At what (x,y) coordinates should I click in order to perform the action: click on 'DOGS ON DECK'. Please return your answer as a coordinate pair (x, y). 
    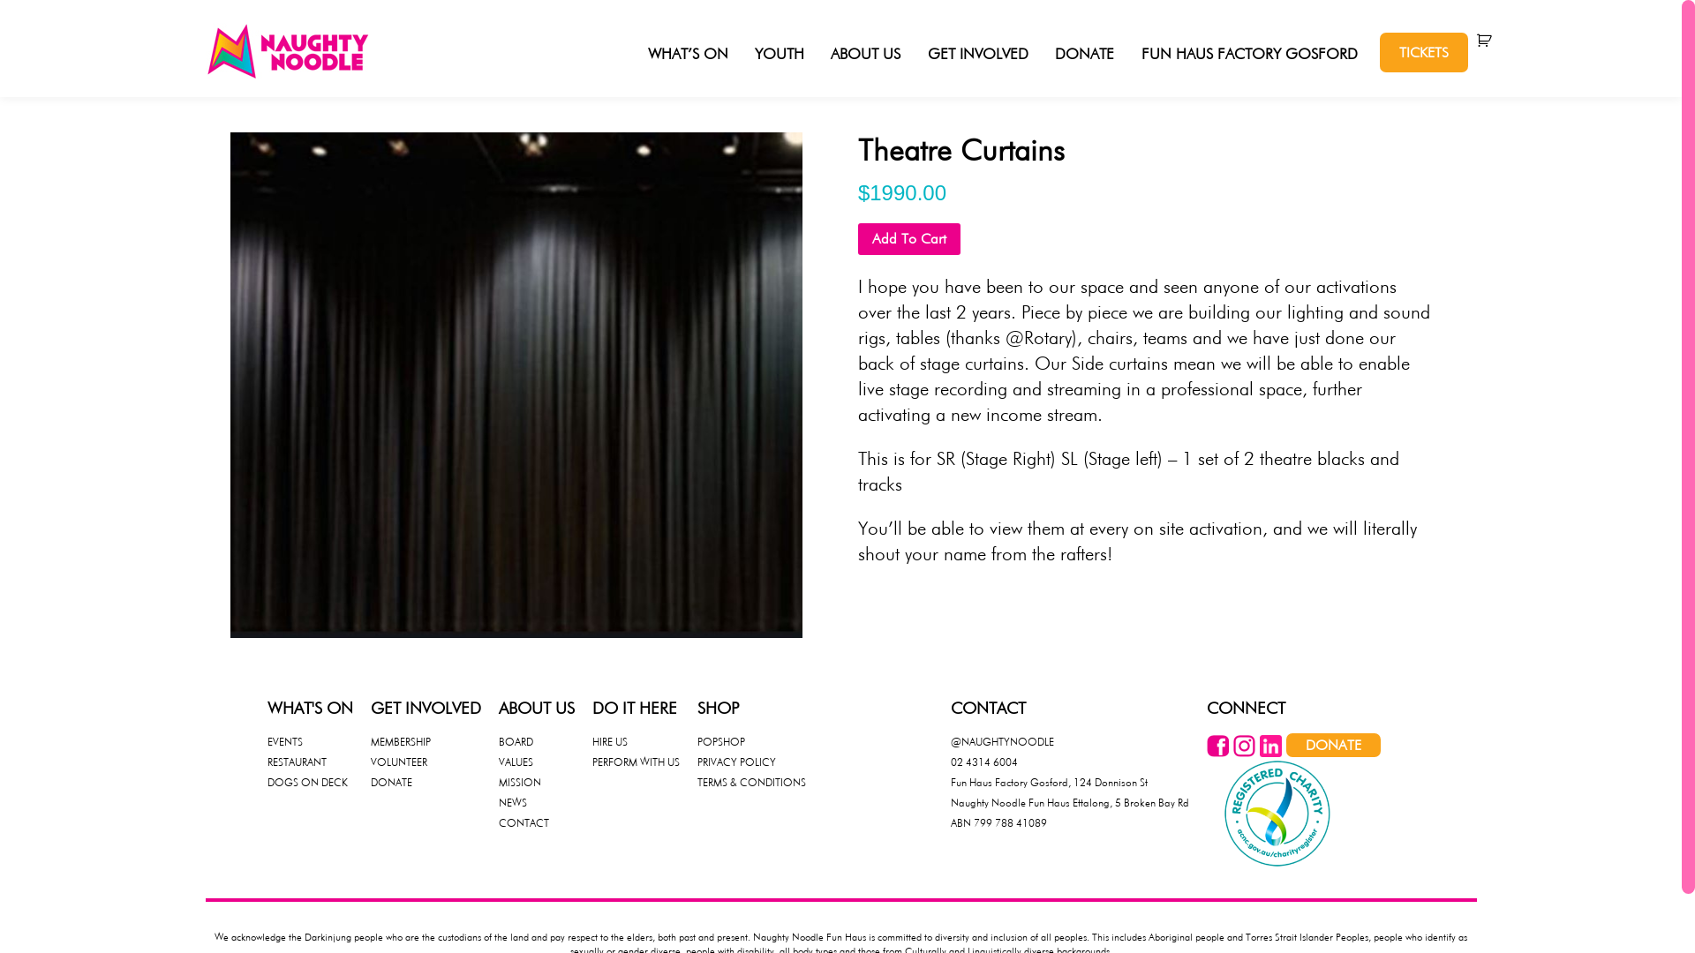
    Looking at the image, I should click on (306, 781).